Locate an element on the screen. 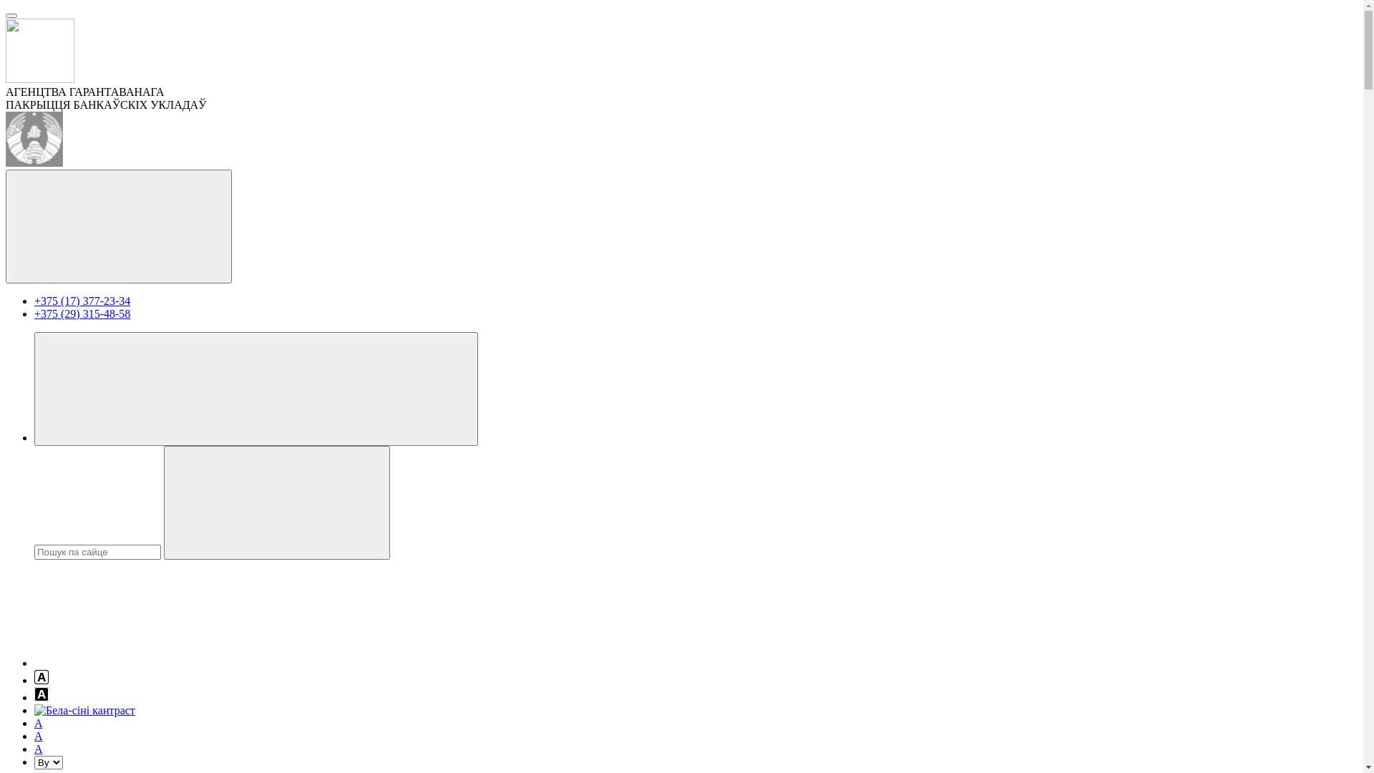  'A' is located at coordinates (38, 723).